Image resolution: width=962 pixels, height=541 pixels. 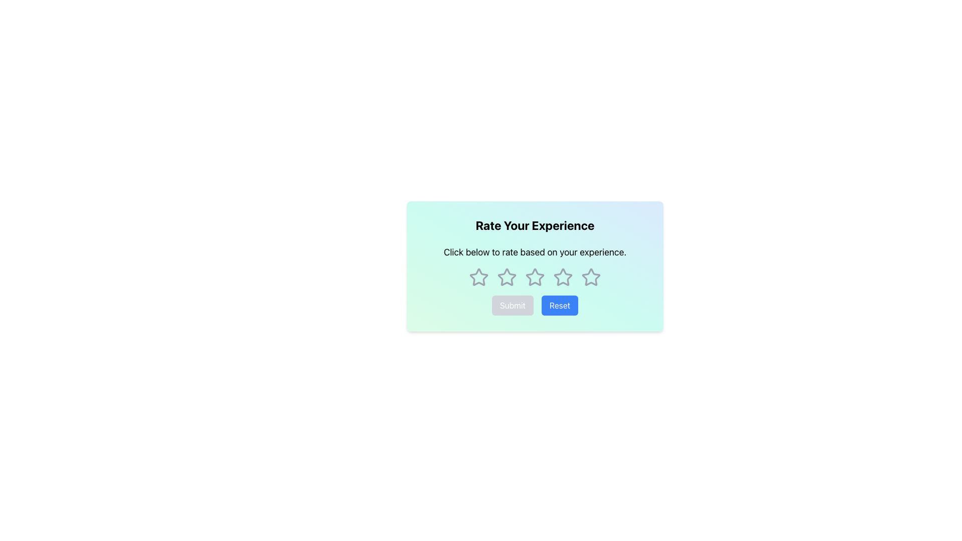 I want to click on the fourth star icon, so click(x=563, y=277).